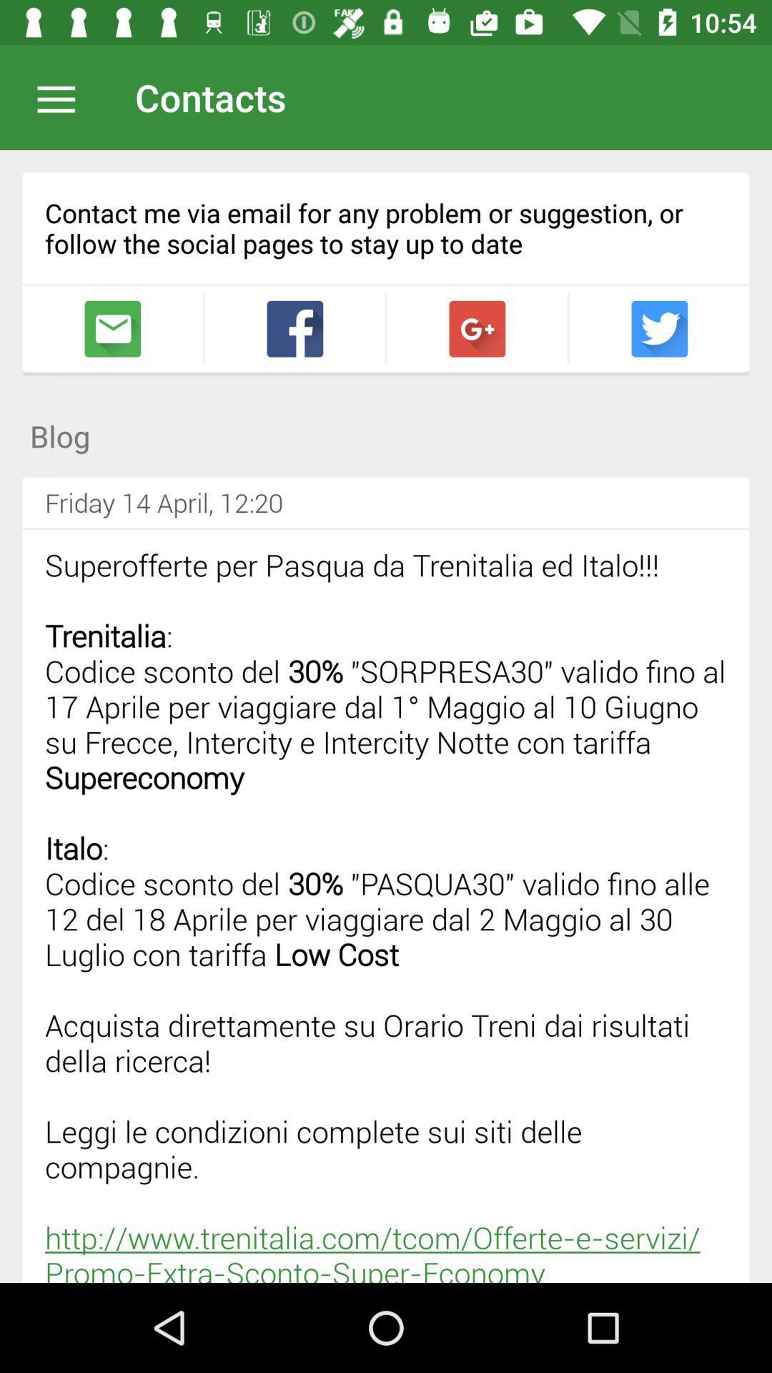 Image resolution: width=772 pixels, height=1373 pixels. I want to click on share to social media, so click(294, 328).